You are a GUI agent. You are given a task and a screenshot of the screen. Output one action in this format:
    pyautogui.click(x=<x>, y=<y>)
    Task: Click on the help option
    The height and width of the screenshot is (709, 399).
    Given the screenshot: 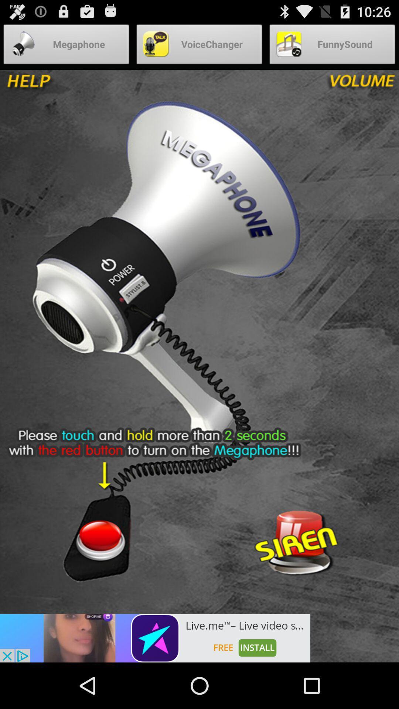 What is the action you would take?
    pyautogui.click(x=54, y=85)
    